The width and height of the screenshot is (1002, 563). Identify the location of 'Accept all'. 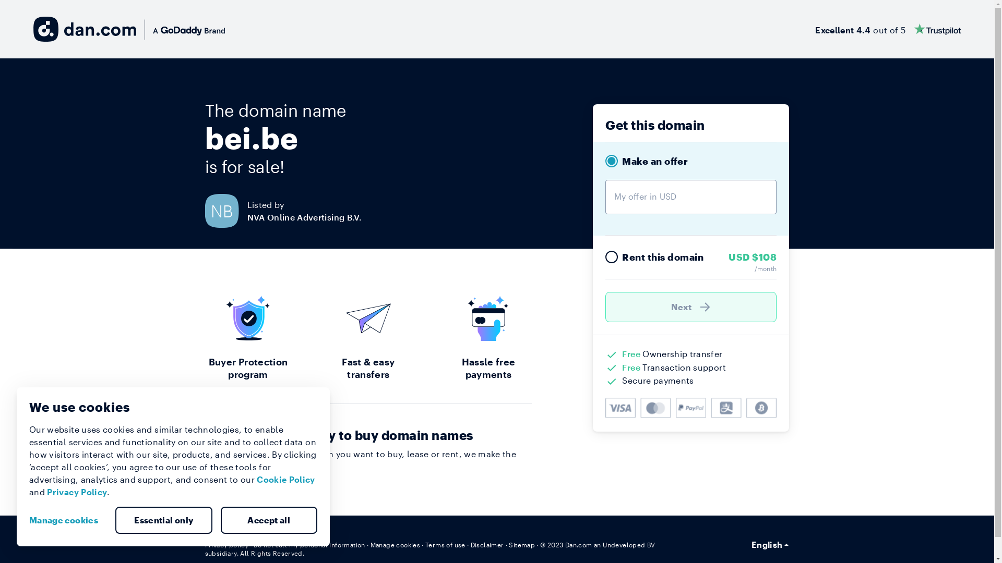
(268, 520).